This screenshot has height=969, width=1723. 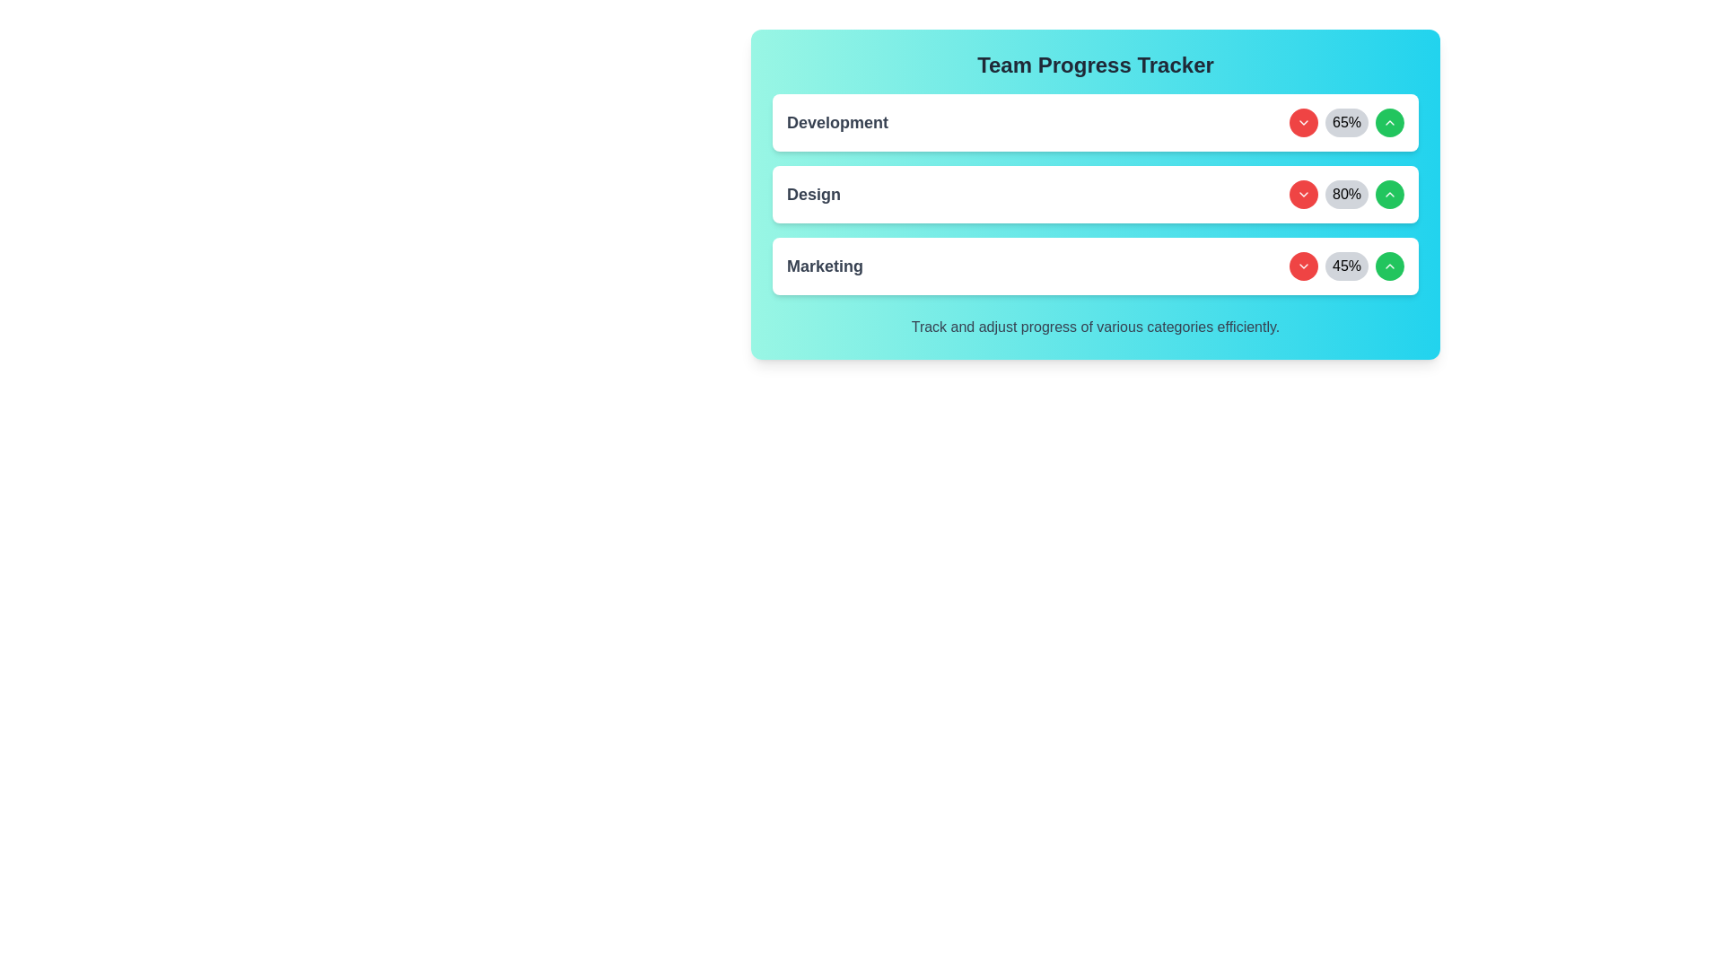 What do you see at coordinates (836, 122) in the screenshot?
I see `the Text element displaying 'Development' in bold on a white background card with rounded edges, located in the first card of a vertically stacked list` at bounding box center [836, 122].